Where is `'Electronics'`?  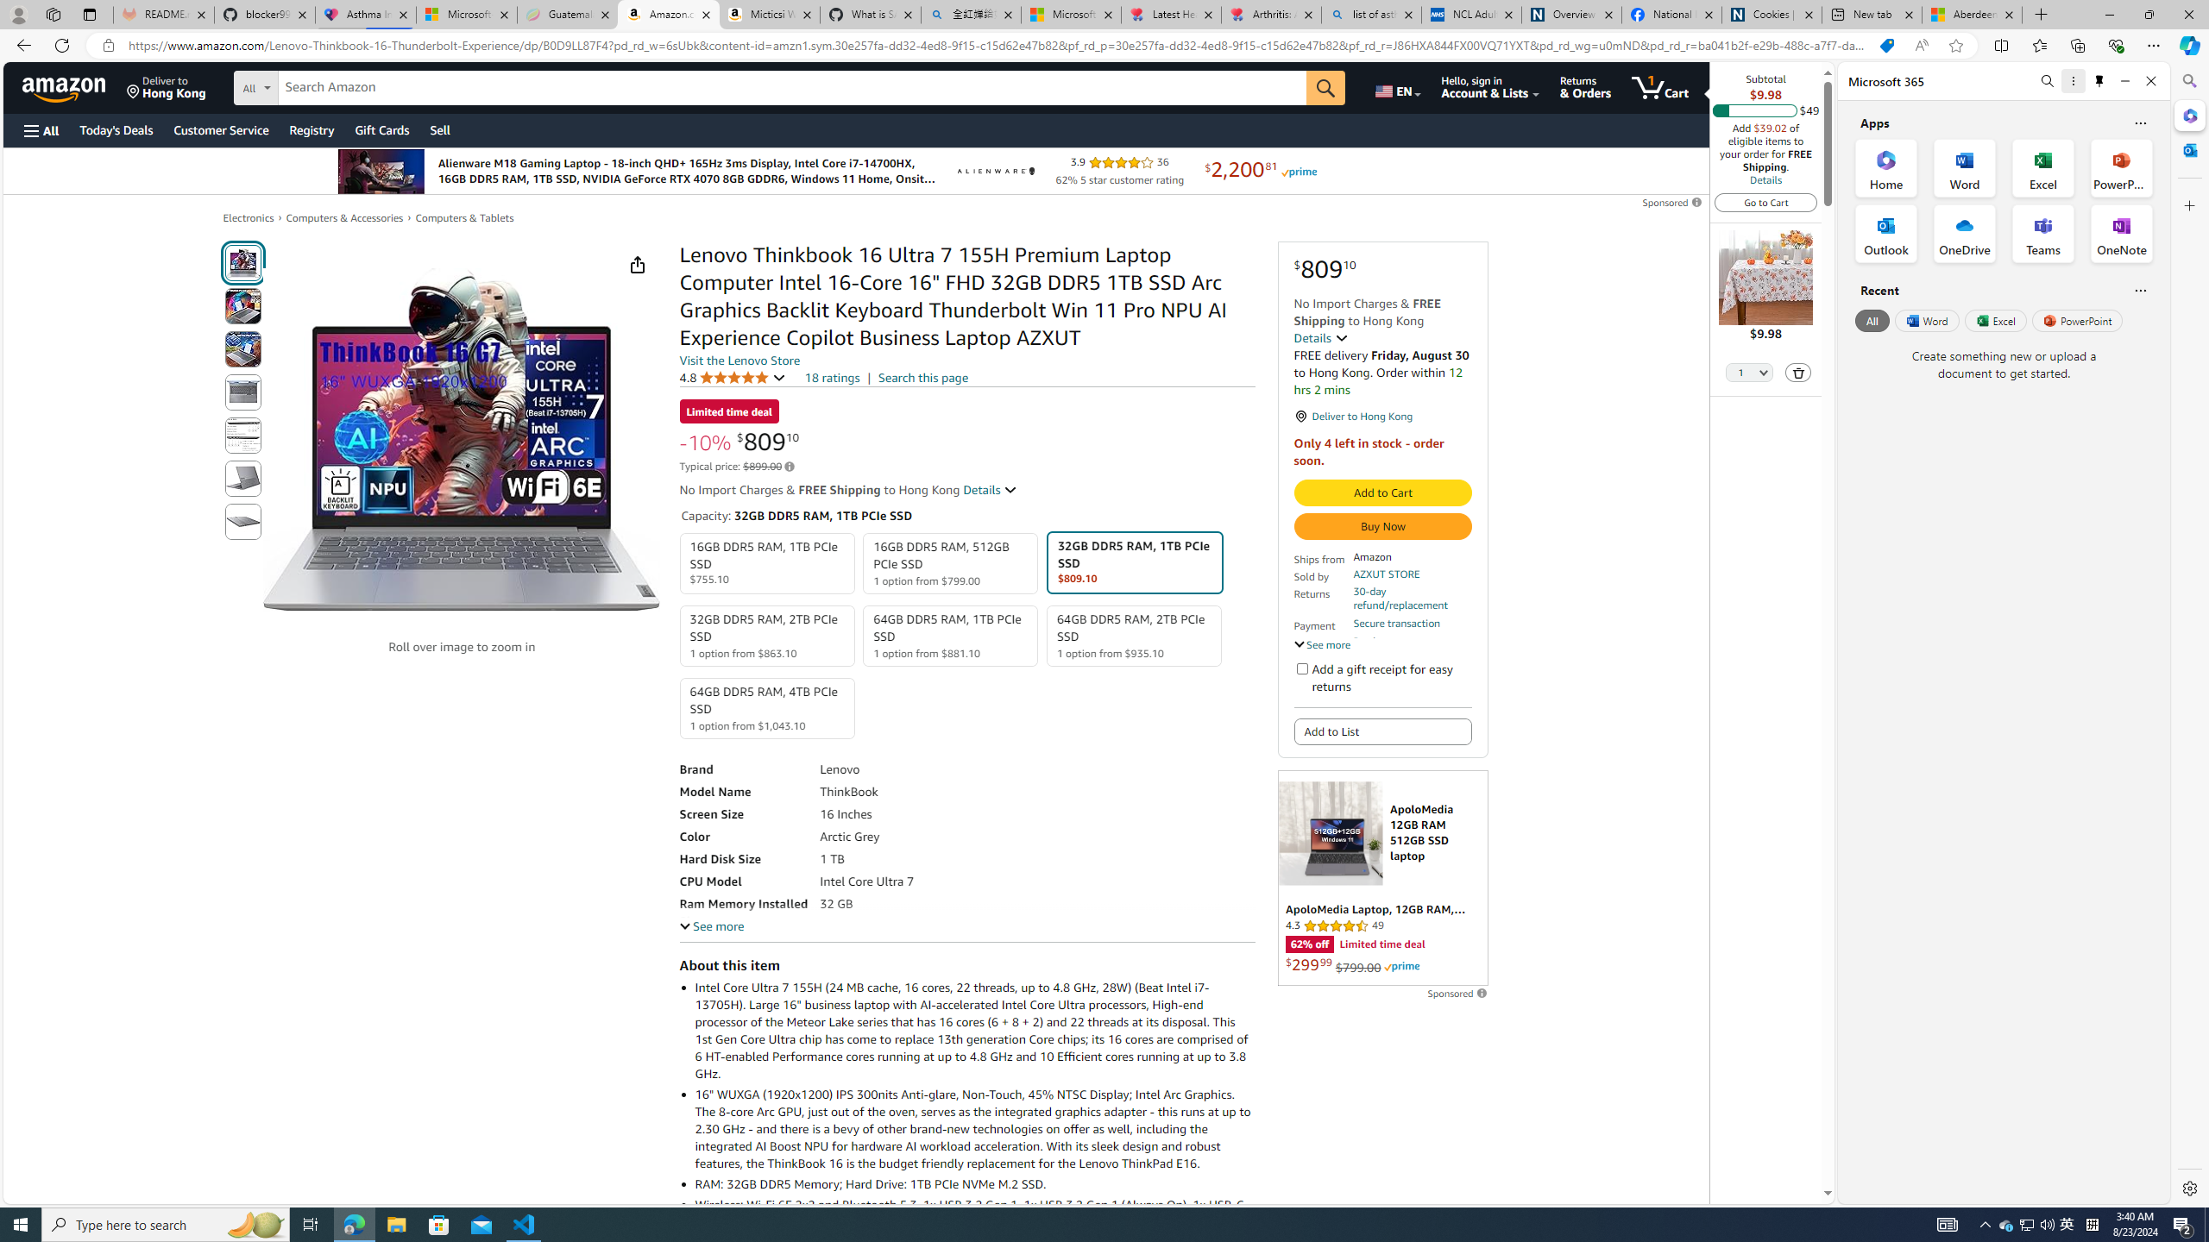 'Electronics' is located at coordinates (249, 217).